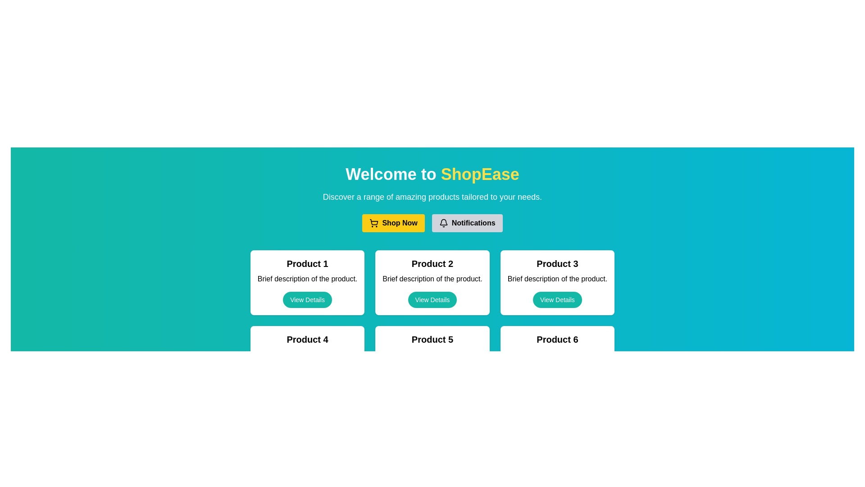 The width and height of the screenshot is (865, 487). What do you see at coordinates (374, 223) in the screenshot?
I see `the shopping icon located inside the 'Shop Now' button, positioned to the far left of the text` at bounding box center [374, 223].